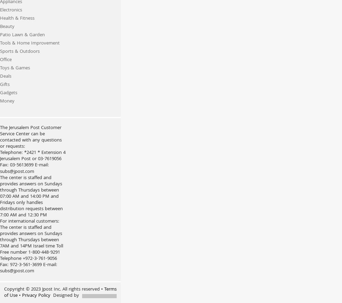 This screenshot has width=342, height=303. What do you see at coordinates (60, 292) in the screenshot?
I see `'• Terms of Use'` at bounding box center [60, 292].